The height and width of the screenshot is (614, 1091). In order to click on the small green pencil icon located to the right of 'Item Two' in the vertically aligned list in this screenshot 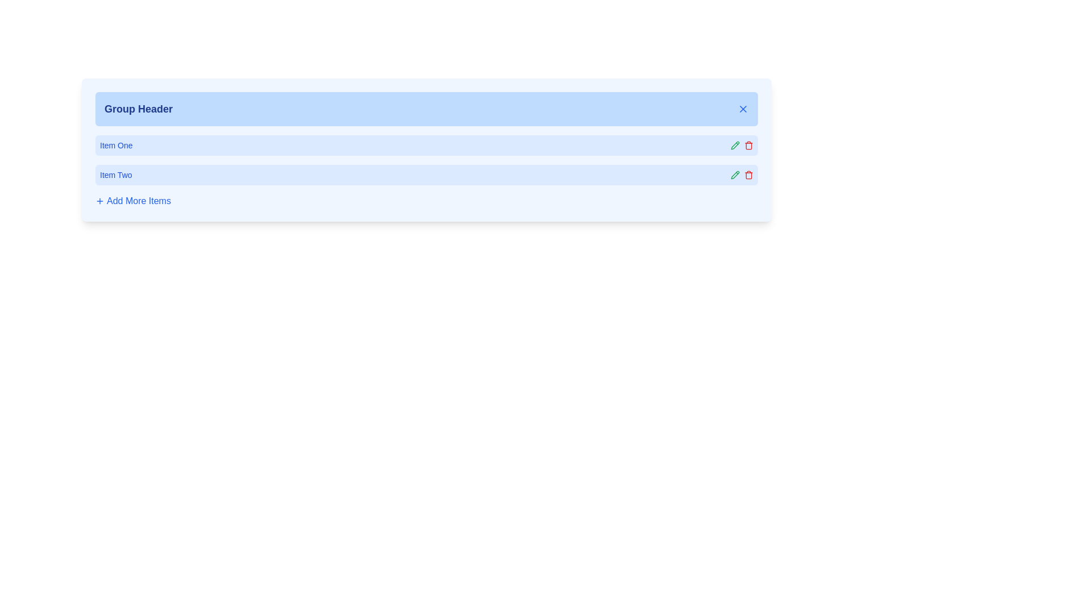, I will do `click(735, 144)`.